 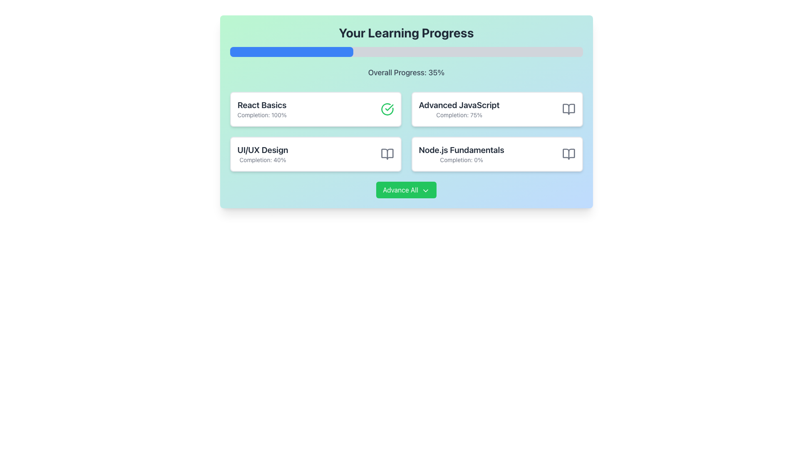 What do you see at coordinates (459, 105) in the screenshot?
I see `the text element displaying 'Advanced JavaScript' in bold, dark gray font, located in the top right quadrant of the grid under 'Your Learning Progress'` at bounding box center [459, 105].